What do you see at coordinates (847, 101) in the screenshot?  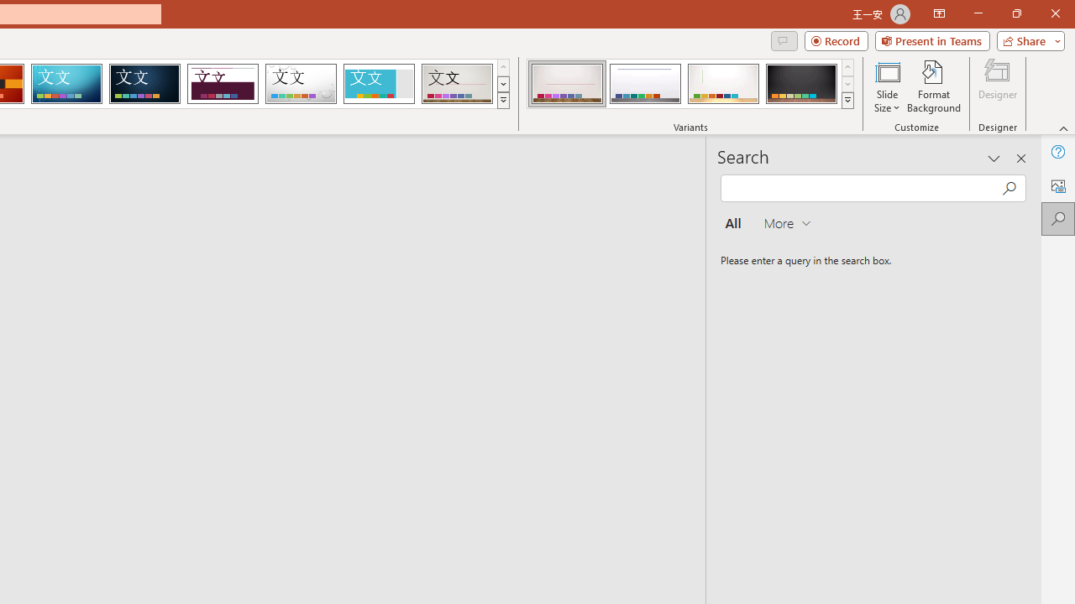 I see `'Variants'` at bounding box center [847, 101].